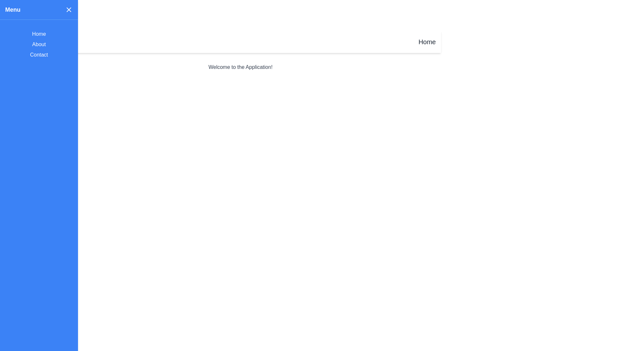 The height and width of the screenshot is (351, 624). What do you see at coordinates (69, 10) in the screenshot?
I see `the close button icon located to the far right of the menu interface, just to the right of the 'Menu' text` at bounding box center [69, 10].